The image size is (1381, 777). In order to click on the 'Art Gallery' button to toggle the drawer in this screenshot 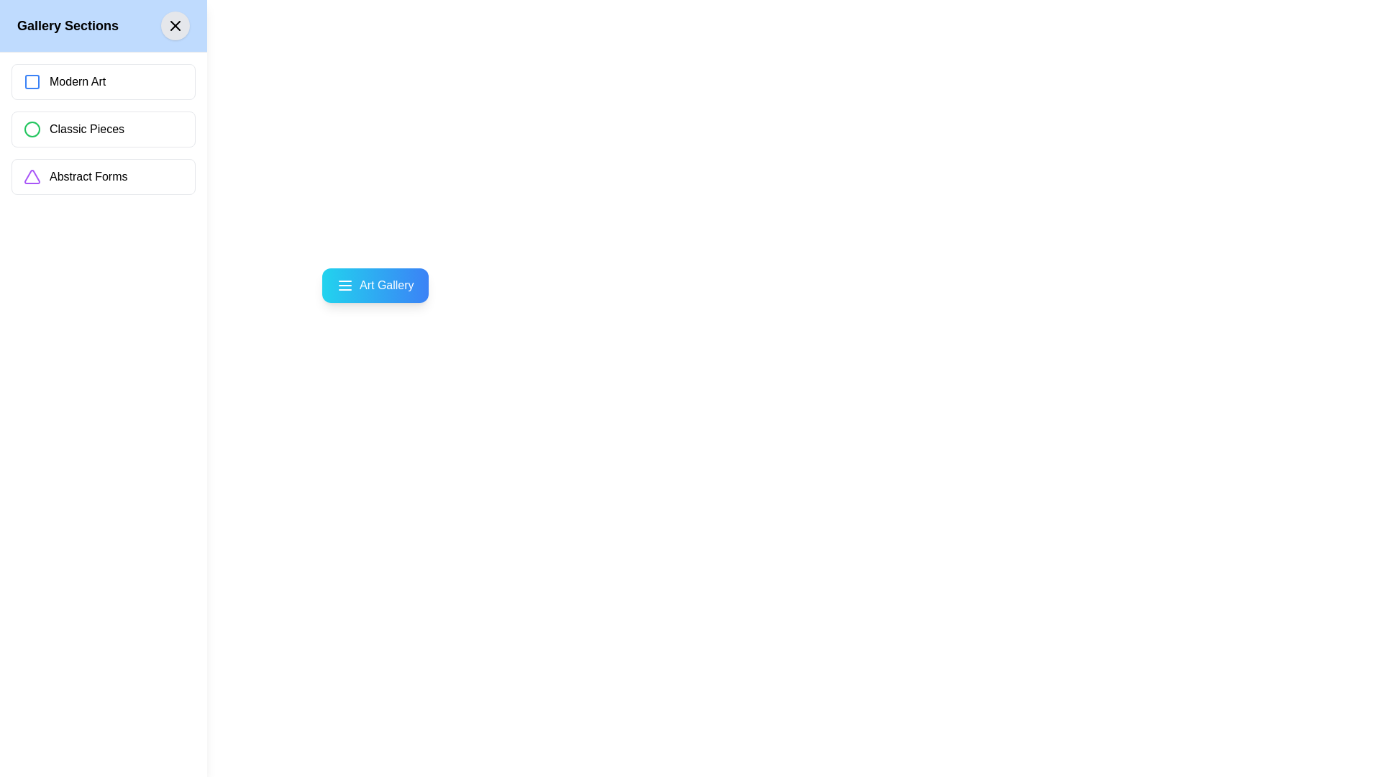, I will do `click(375, 286)`.